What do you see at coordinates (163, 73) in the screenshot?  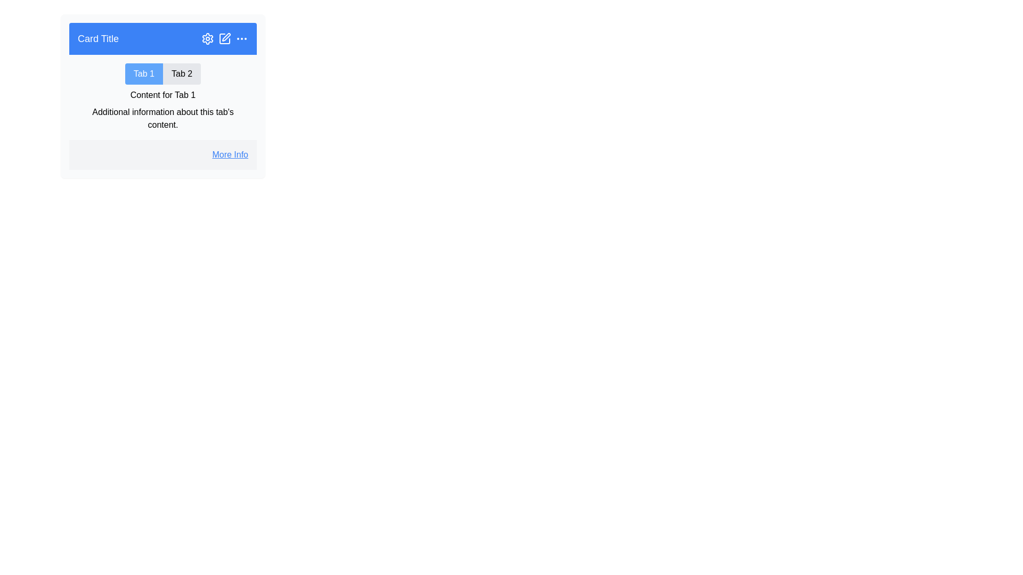 I see `the 'Tab 1' button of the Tab Component, which has a blue background and white text` at bounding box center [163, 73].